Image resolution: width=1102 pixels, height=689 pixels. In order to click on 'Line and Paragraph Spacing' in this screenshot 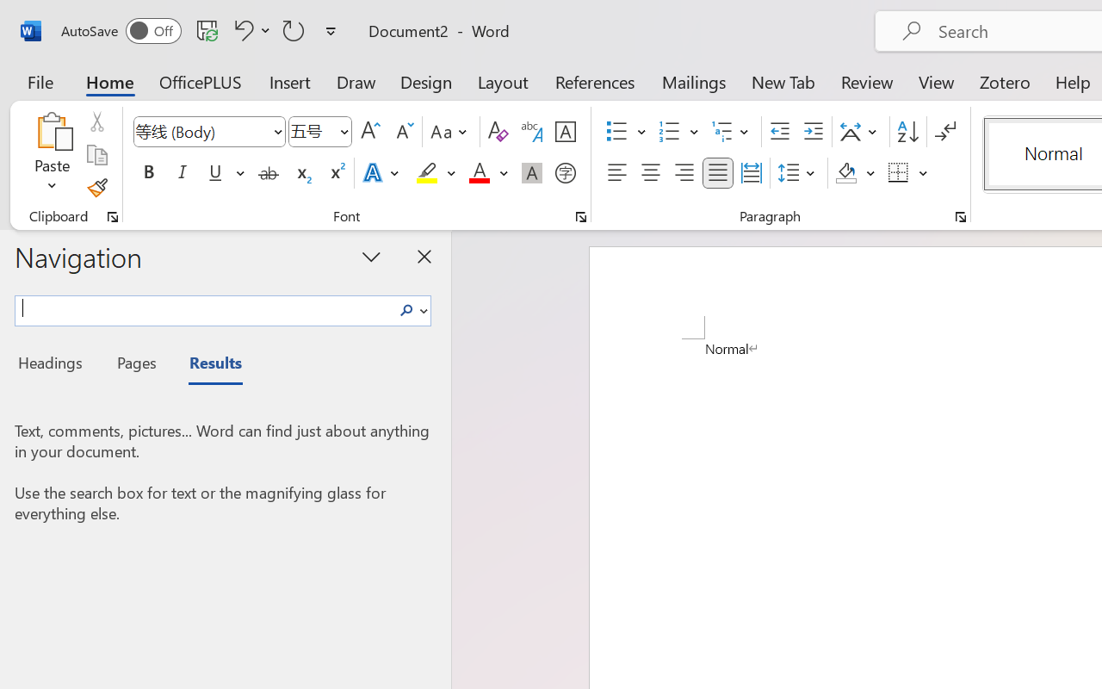, I will do `click(798, 173)`.